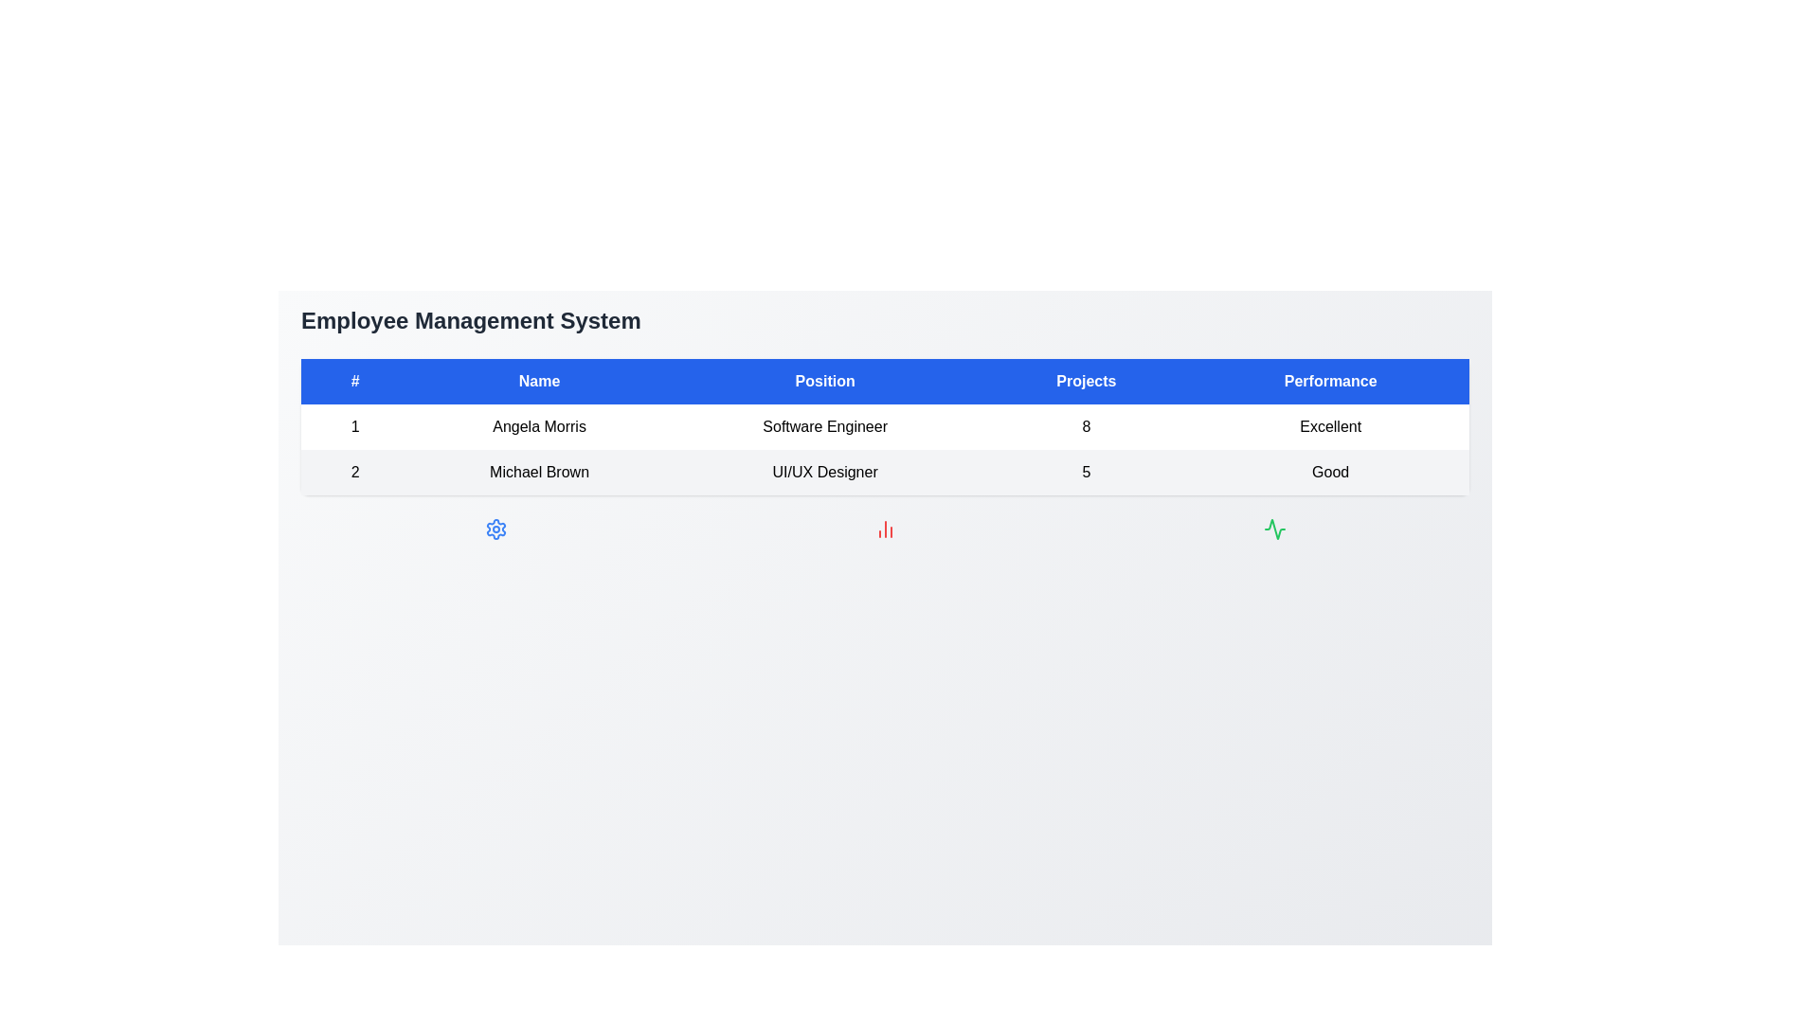 The width and height of the screenshot is (1819, 1023). I want to click on the red bar chart icon button to trigger the color change effect, so click(884, 529).